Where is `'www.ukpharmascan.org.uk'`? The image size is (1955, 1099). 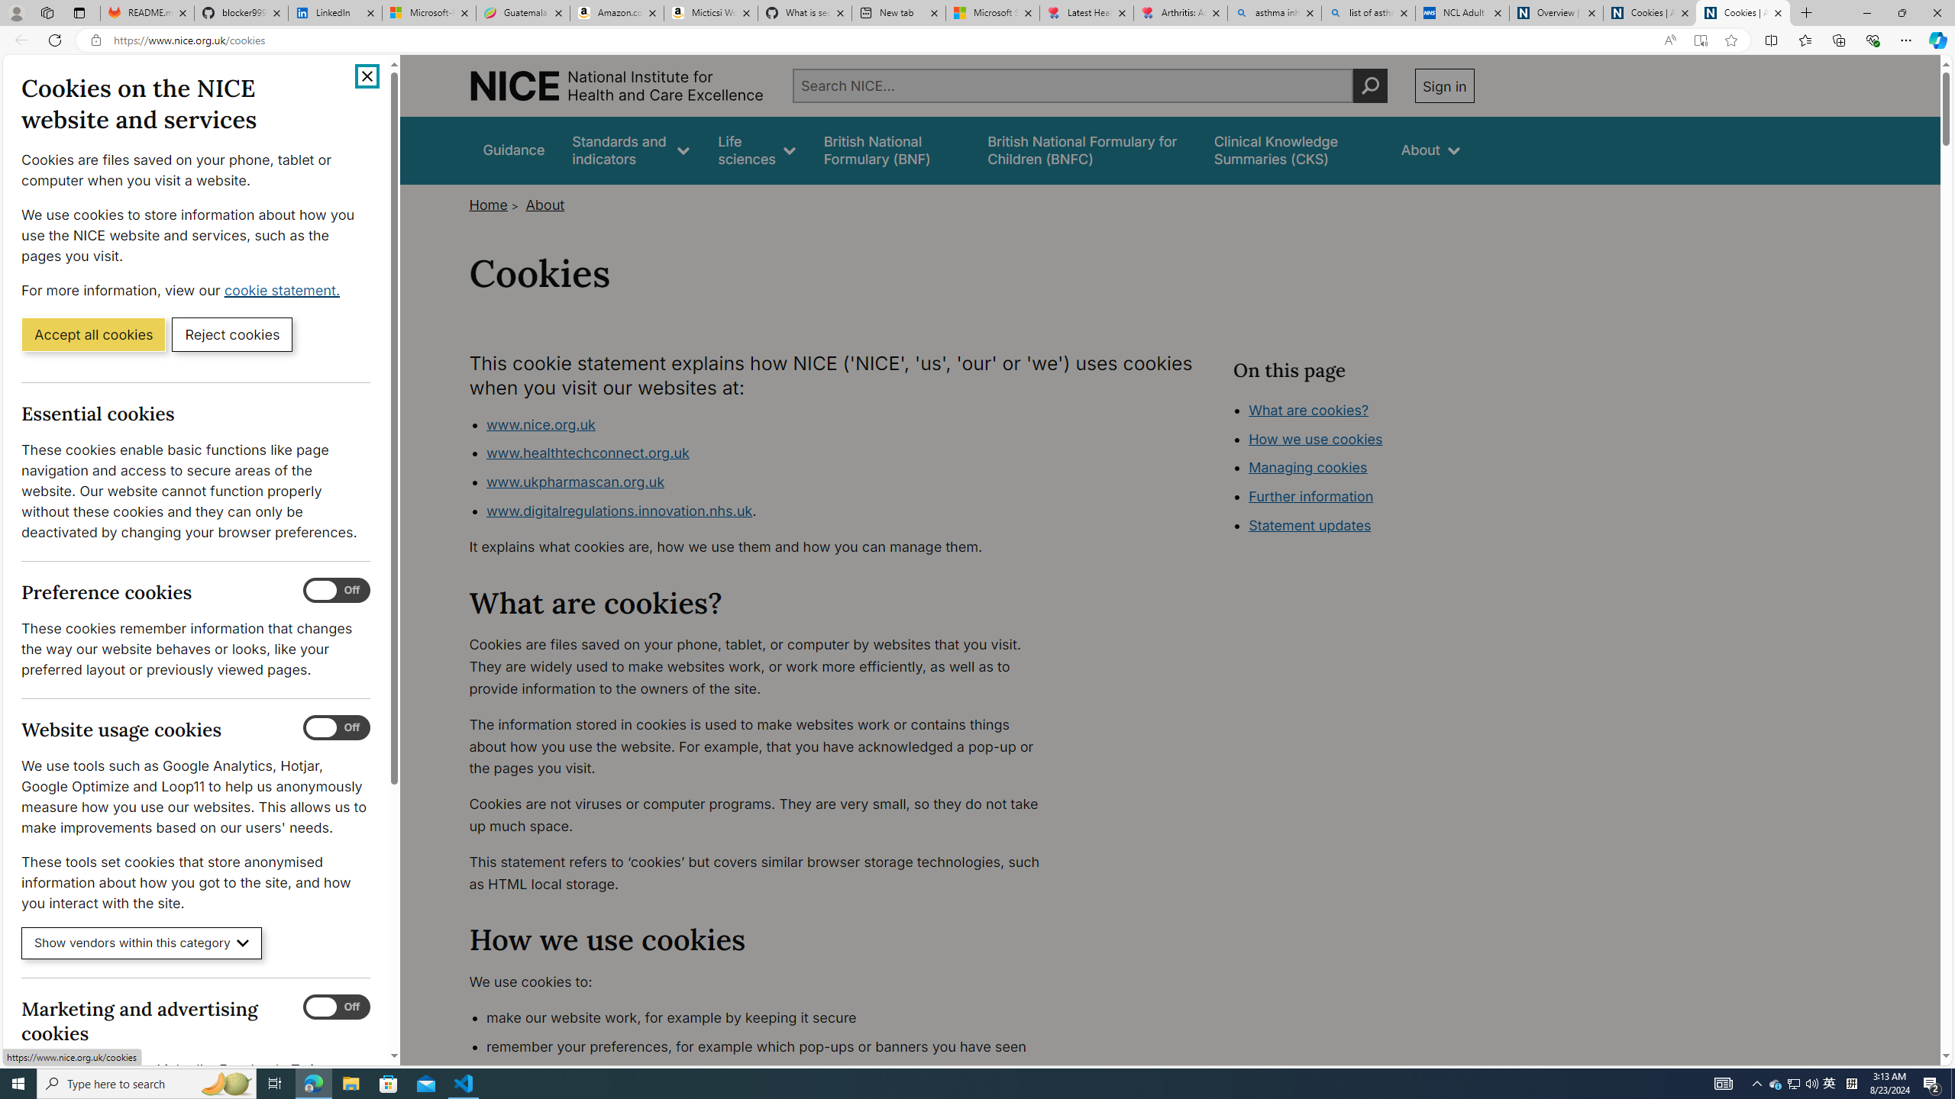
'www.ukpharmascan.org.uk' is located at coordinates (574, 482).